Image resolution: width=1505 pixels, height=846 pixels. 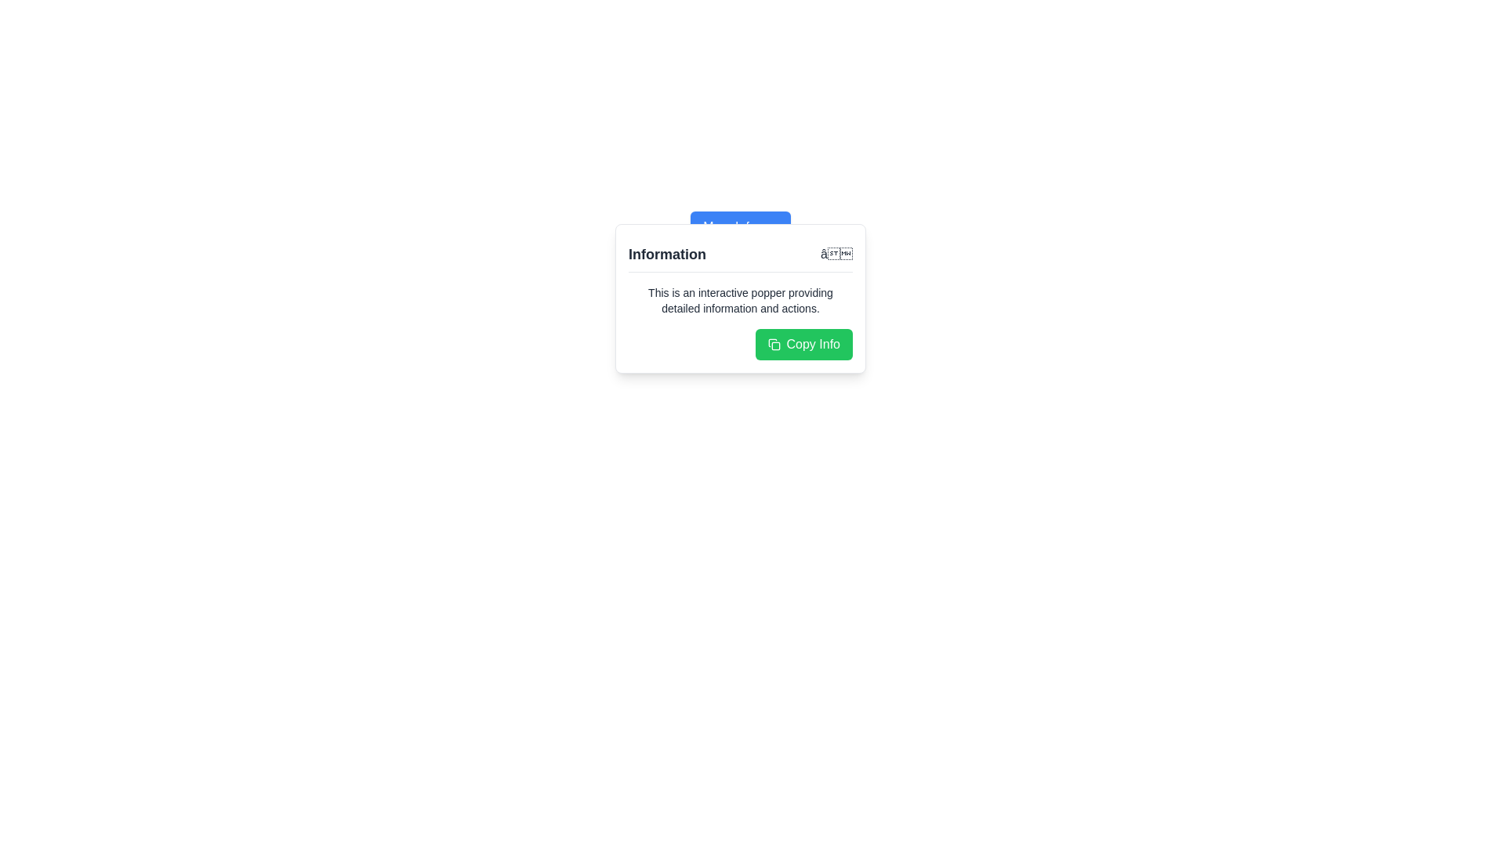 What do you see at coordinates (740, 301) in the screenshot?
I see `the text display component that contains the content 'This is an interactive popper providing detailed information and actions.' positioned within a white card below the title 'Information'` at bounding box center [740, 301].